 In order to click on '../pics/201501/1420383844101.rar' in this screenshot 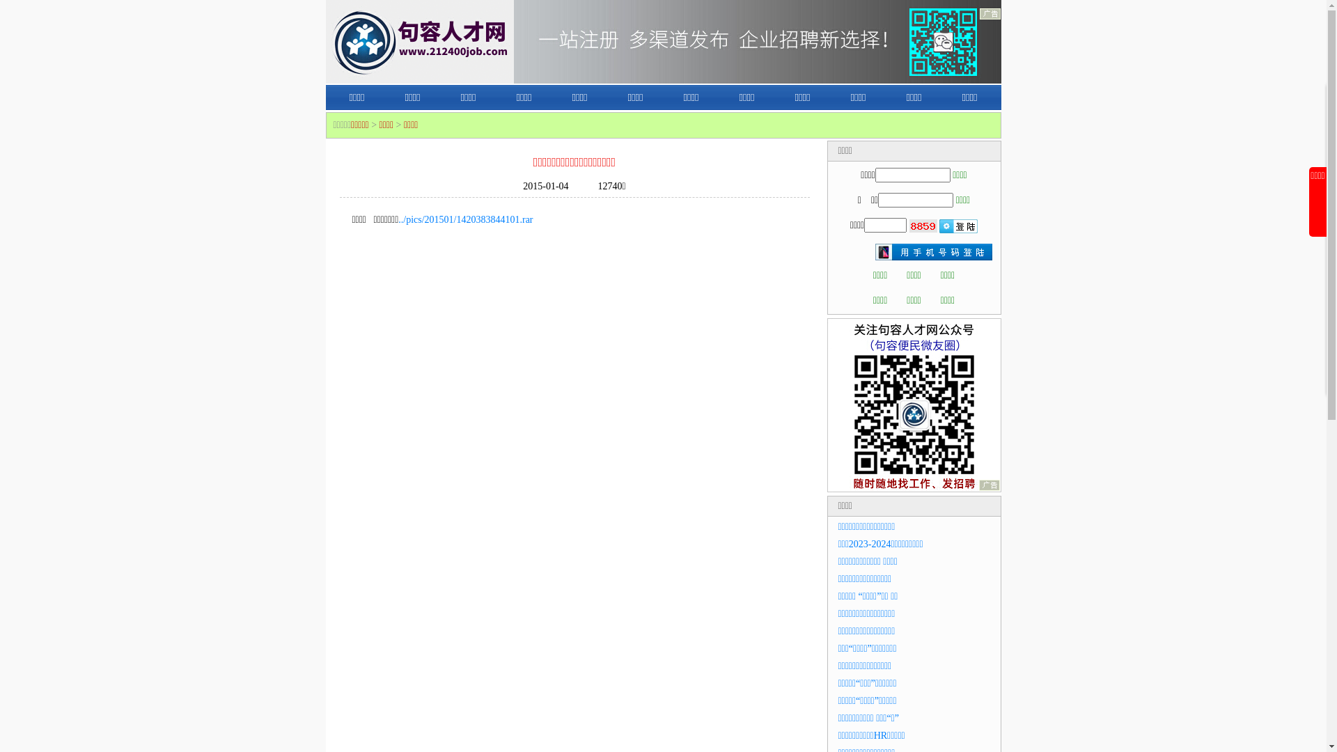, I will do `click(397, 219)`.